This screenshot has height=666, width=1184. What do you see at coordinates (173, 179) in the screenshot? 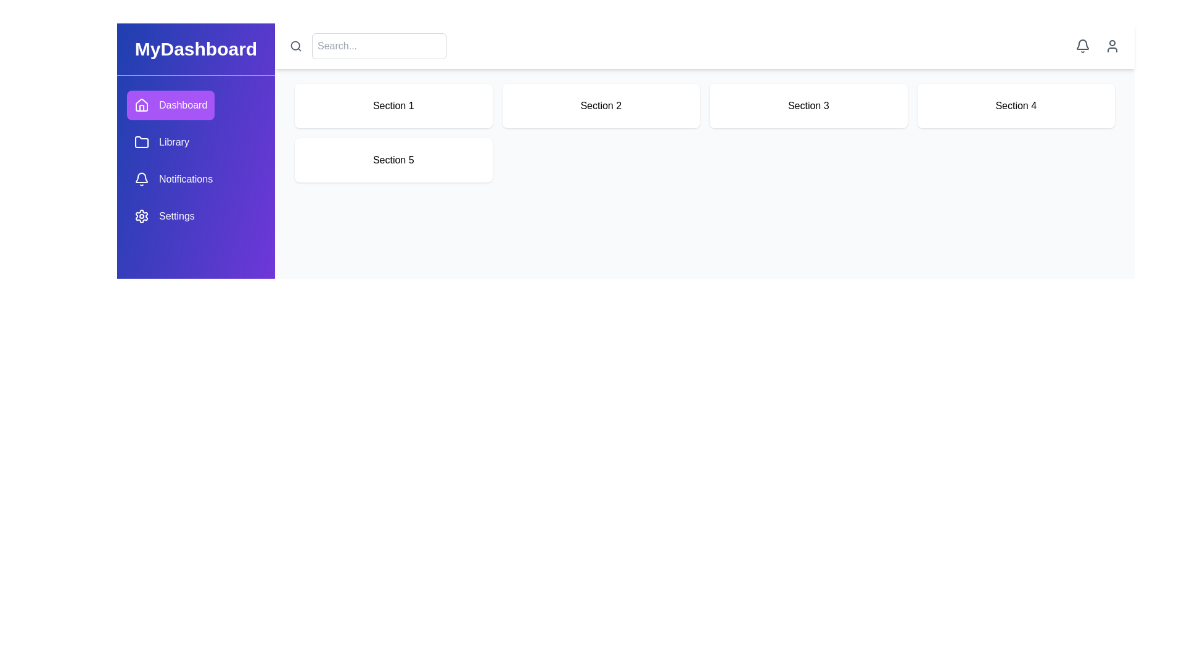
I see `the notifications button located in the vertical sidebar menu, which is the third item below 'Dashboard' and 'Library'` at bounding box center [173, 179].